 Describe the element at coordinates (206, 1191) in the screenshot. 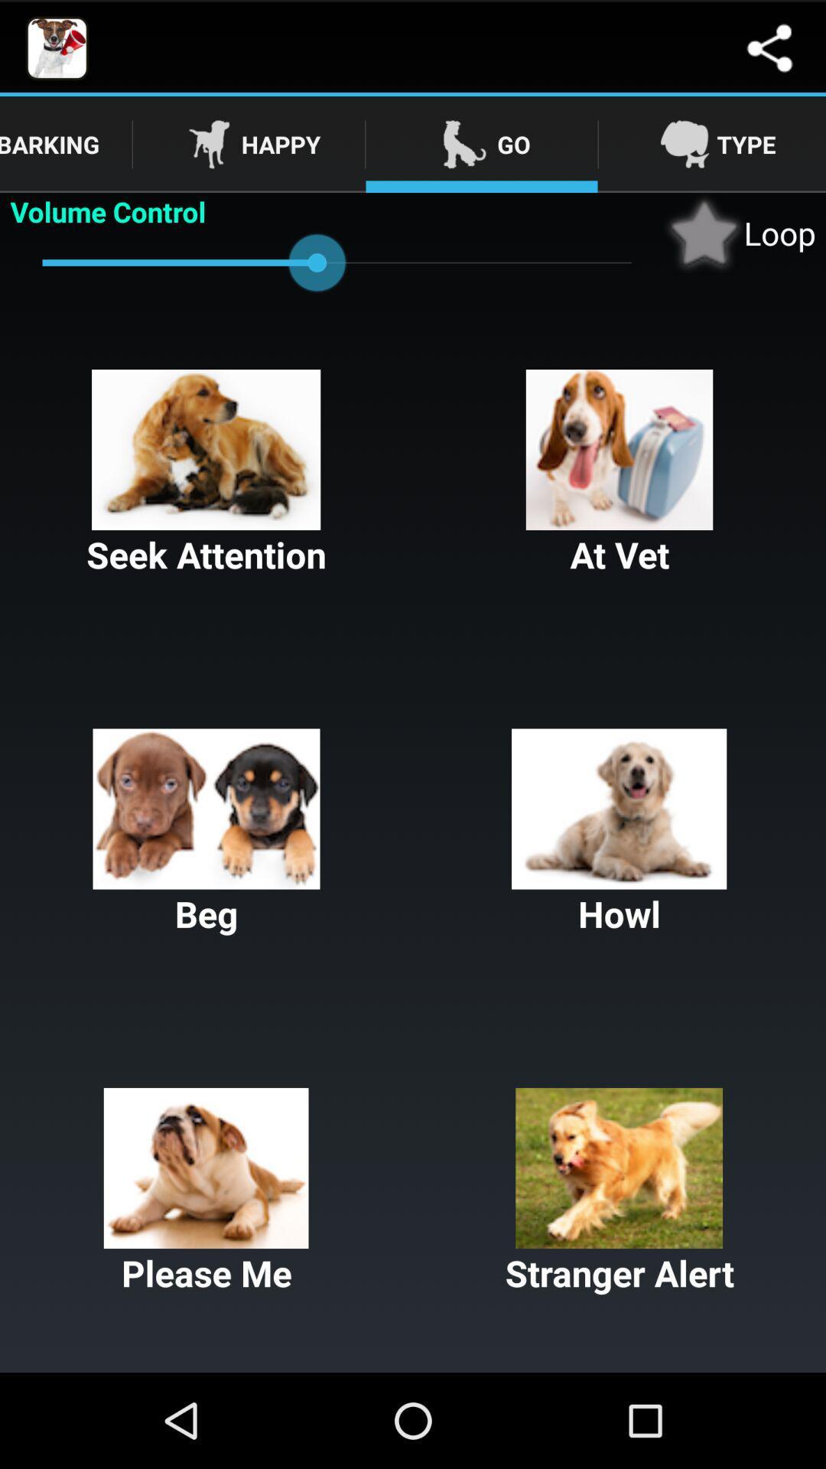

I see `the please me at the bottom left corner` at that location.